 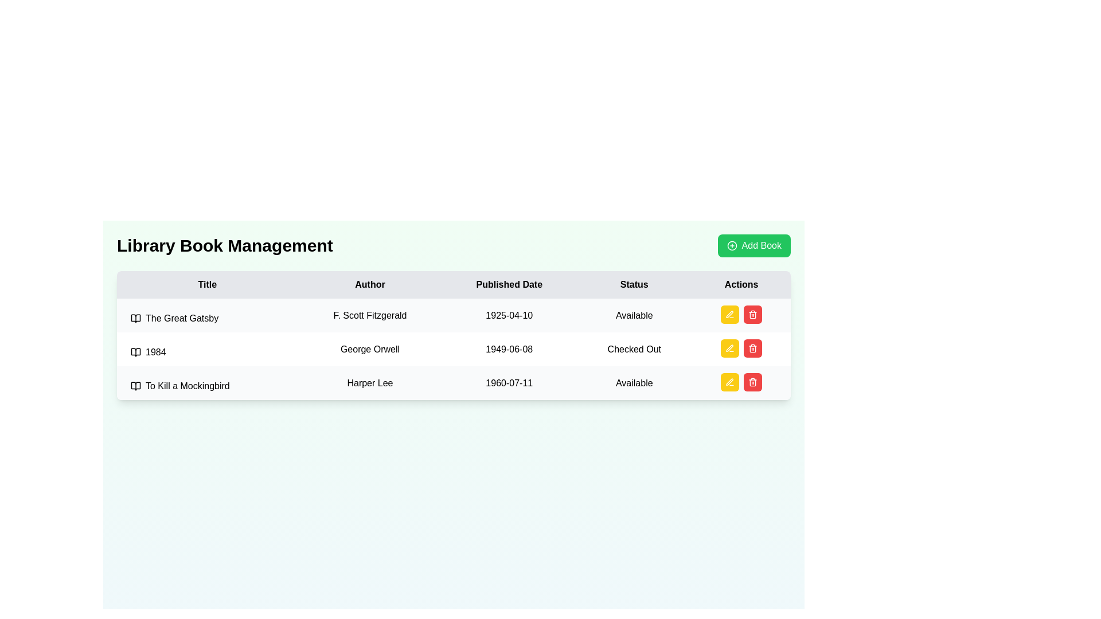 What do you see at coordinates (634, 383) in the screenshot?
I see `the text component in the fourth column of the third row of the table that indicates the availability status of the listed book` at bounding box center [634, 383].